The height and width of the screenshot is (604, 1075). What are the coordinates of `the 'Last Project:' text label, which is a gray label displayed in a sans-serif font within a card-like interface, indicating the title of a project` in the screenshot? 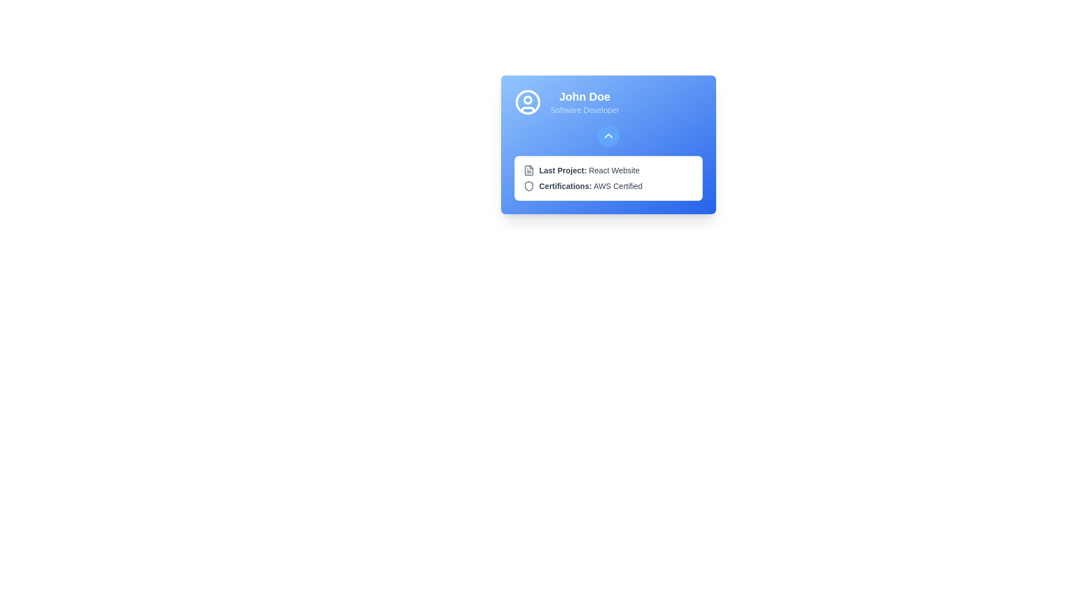 It's located at (563, 170).